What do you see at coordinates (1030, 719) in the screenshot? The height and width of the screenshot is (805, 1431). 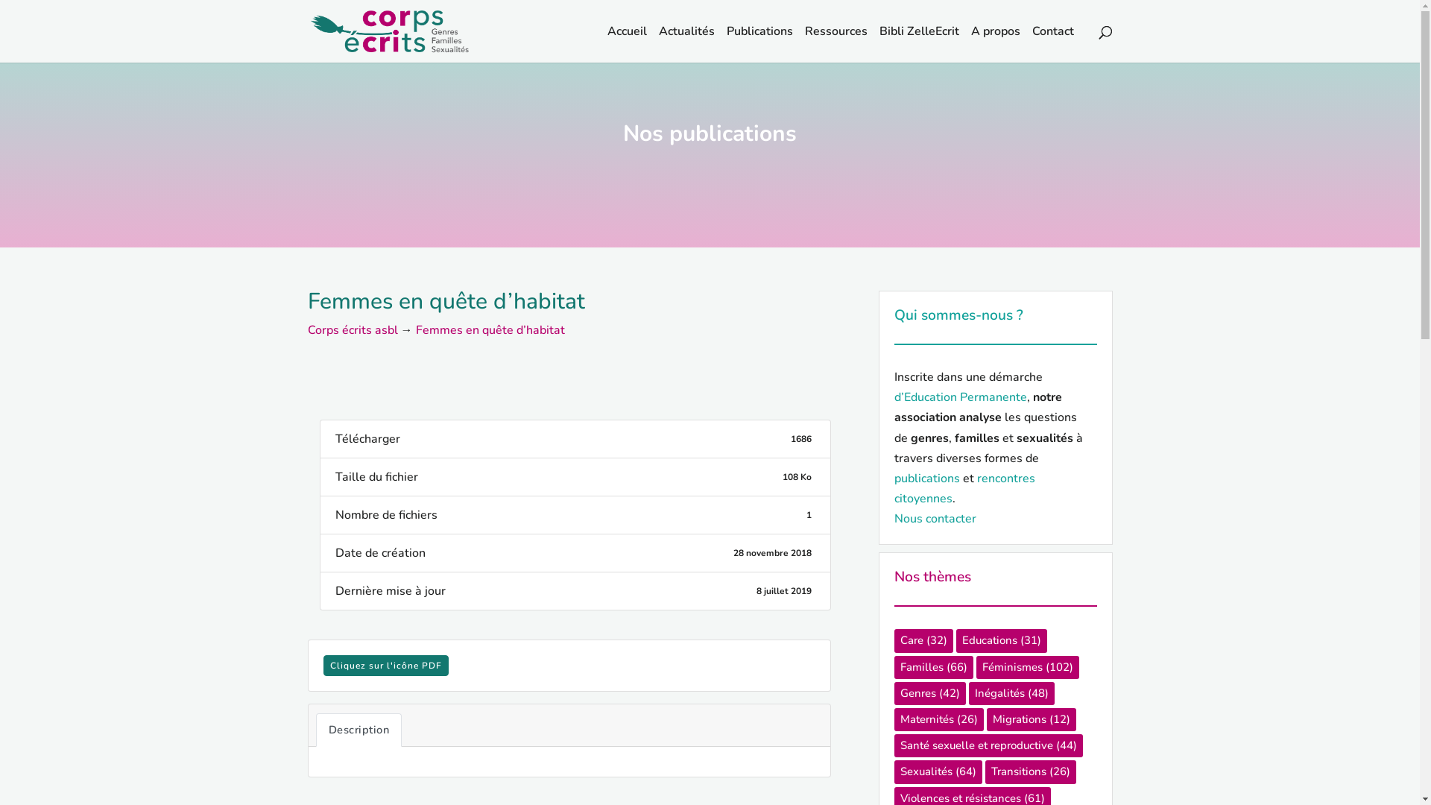 I see `'Migrations (12)'` at bounding box center [1030, 719].